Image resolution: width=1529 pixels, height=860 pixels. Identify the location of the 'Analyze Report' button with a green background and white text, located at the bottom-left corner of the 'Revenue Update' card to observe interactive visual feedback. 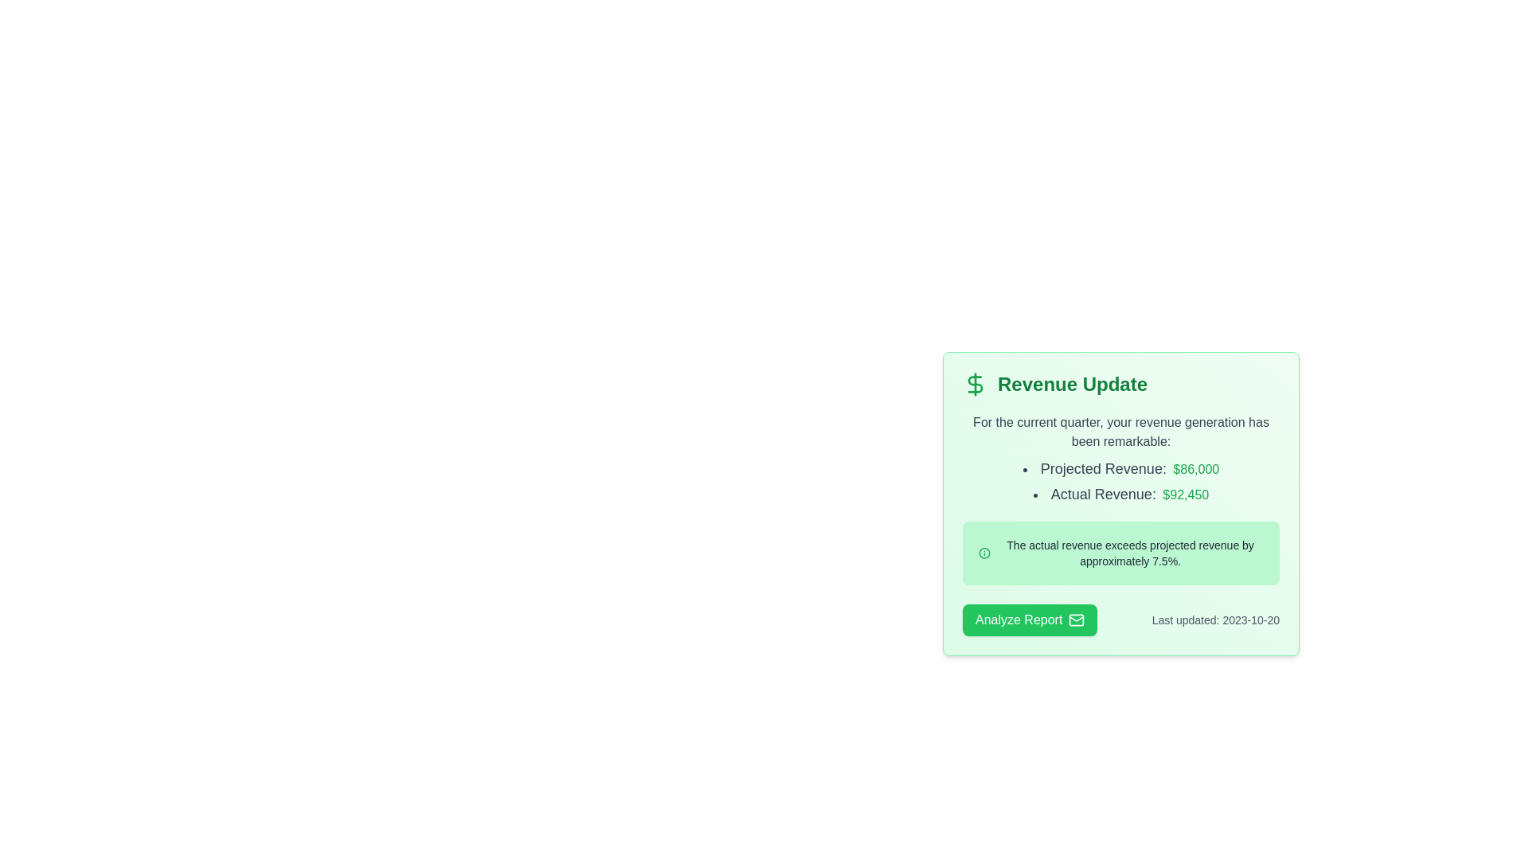
(1030, 620).